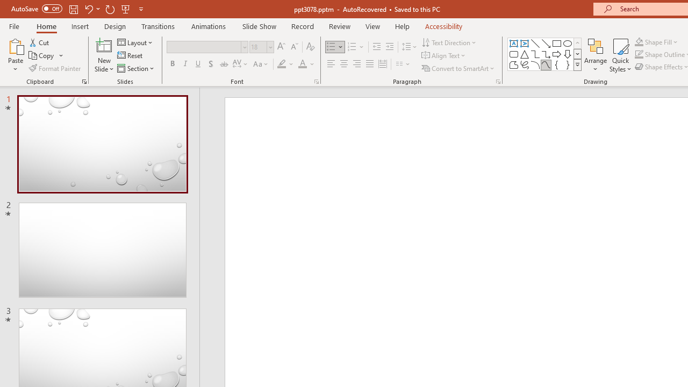  I want to click on 'Connector: Elbow Arrow', so click(546, 54).